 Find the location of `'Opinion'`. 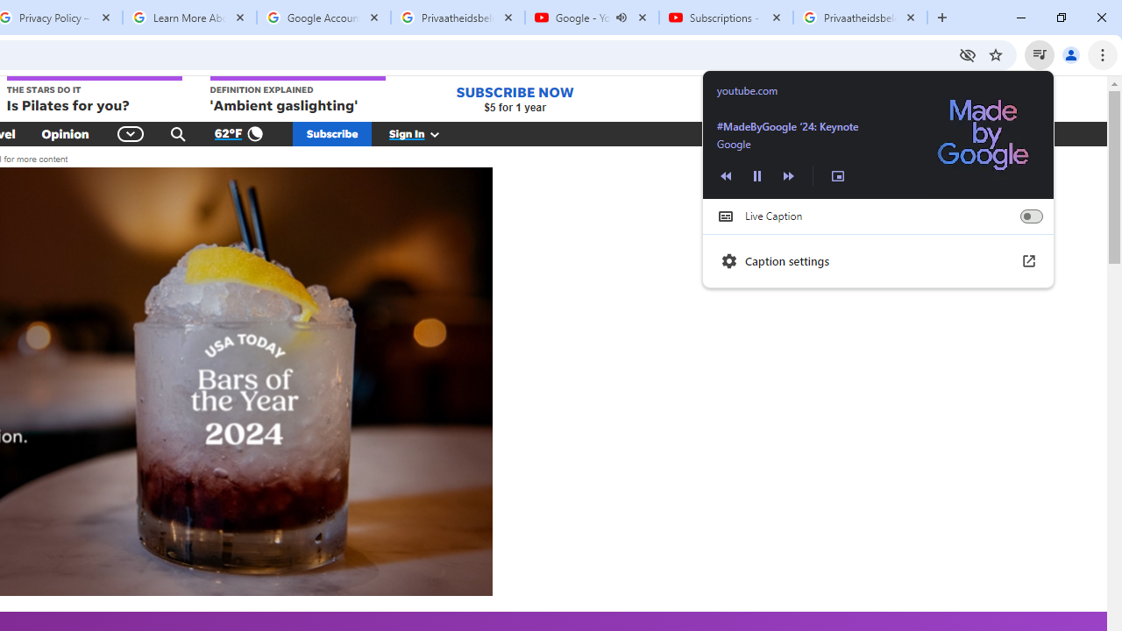

'Opinion' is located at coordinates (65, 133).